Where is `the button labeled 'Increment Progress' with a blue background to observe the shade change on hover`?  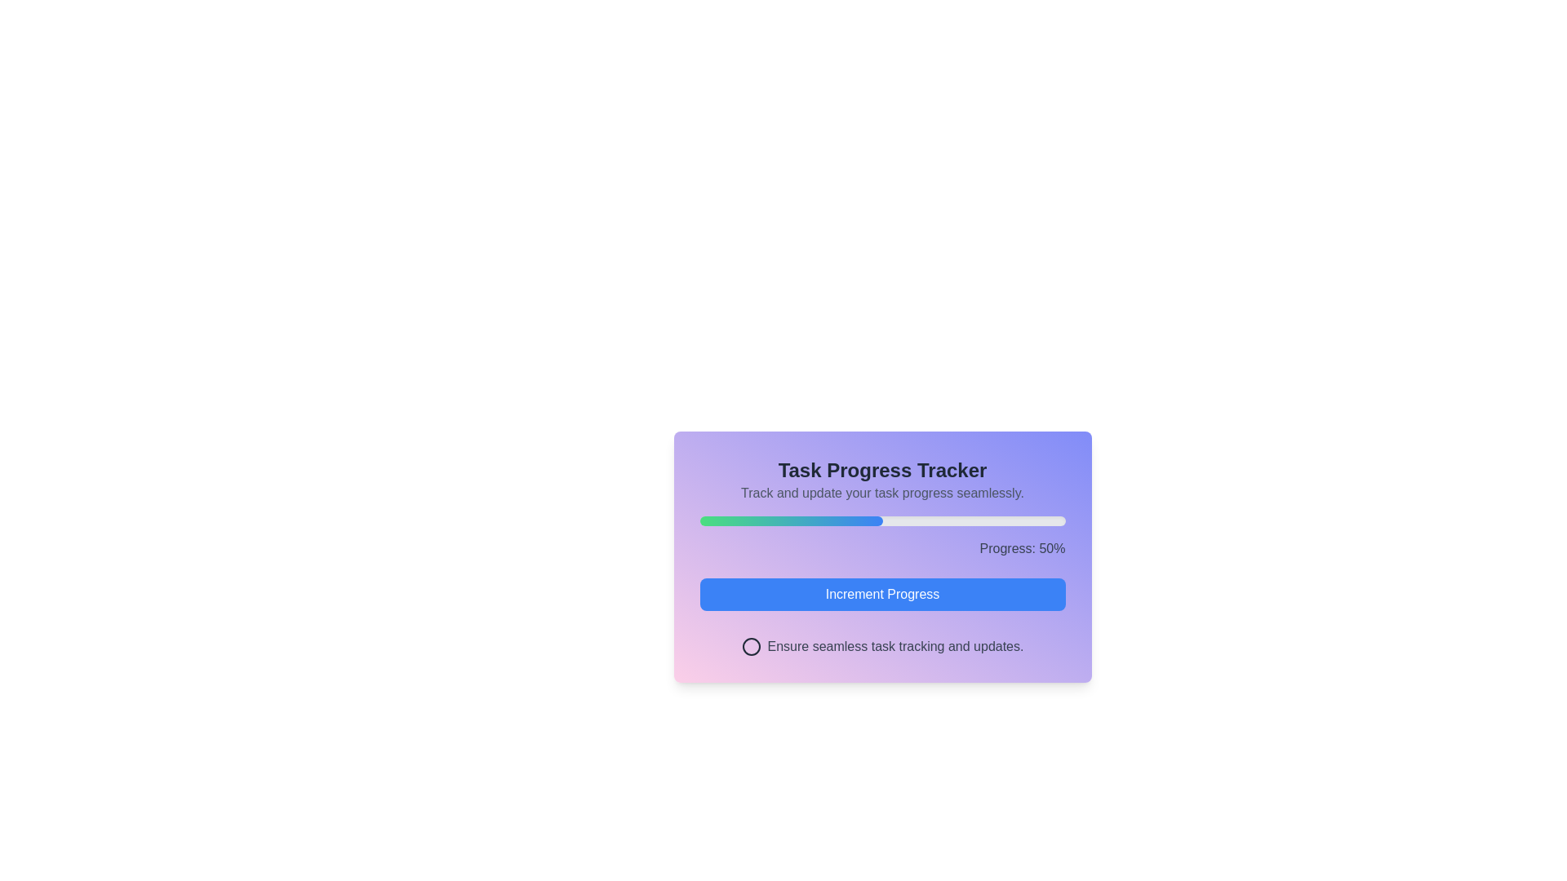
the button labeled 'Increment Progress' with a blue background to observe the shade change on hover is located at coordinates (881, 595).